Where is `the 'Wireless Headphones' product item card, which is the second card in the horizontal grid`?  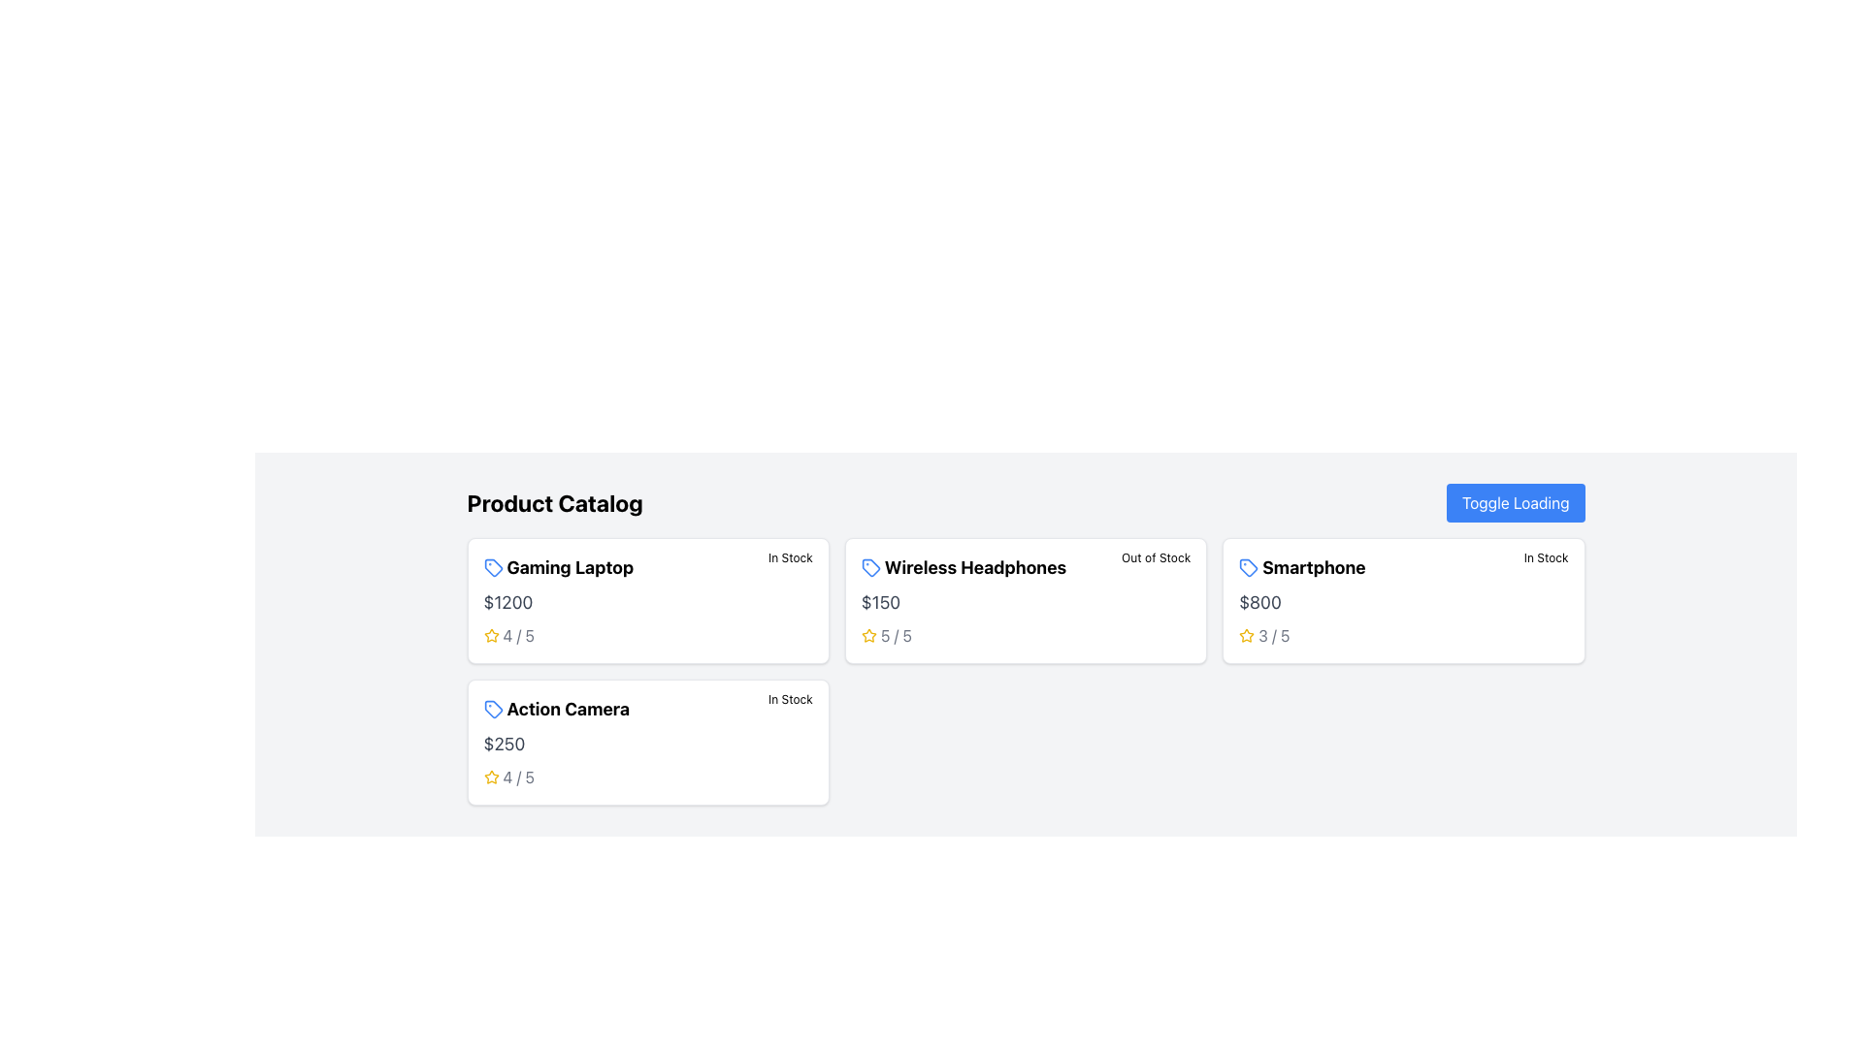
the 'Wireless Headphones' product item card, which is the second card in the horizontal grid is located at coordinates (1025, 600).